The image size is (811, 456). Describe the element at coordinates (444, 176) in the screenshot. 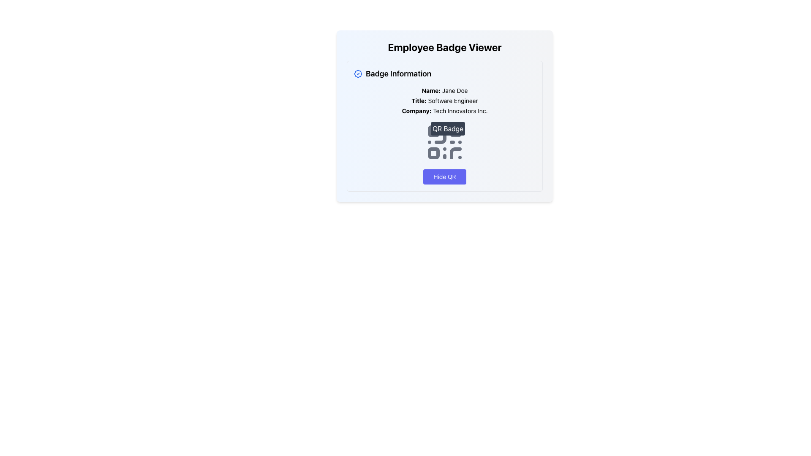

I see `the 'Hide QR' button which has rounded corners, a blue background, and white text` at that location.